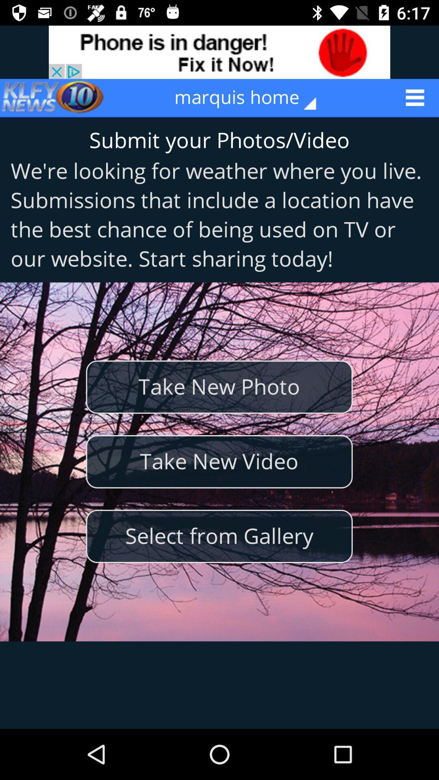 The height and width of the screenshot is (780, 439). Describe the element at coordinates (53, 97) in the screenshot. I see `icon at the top left corner` at that location.